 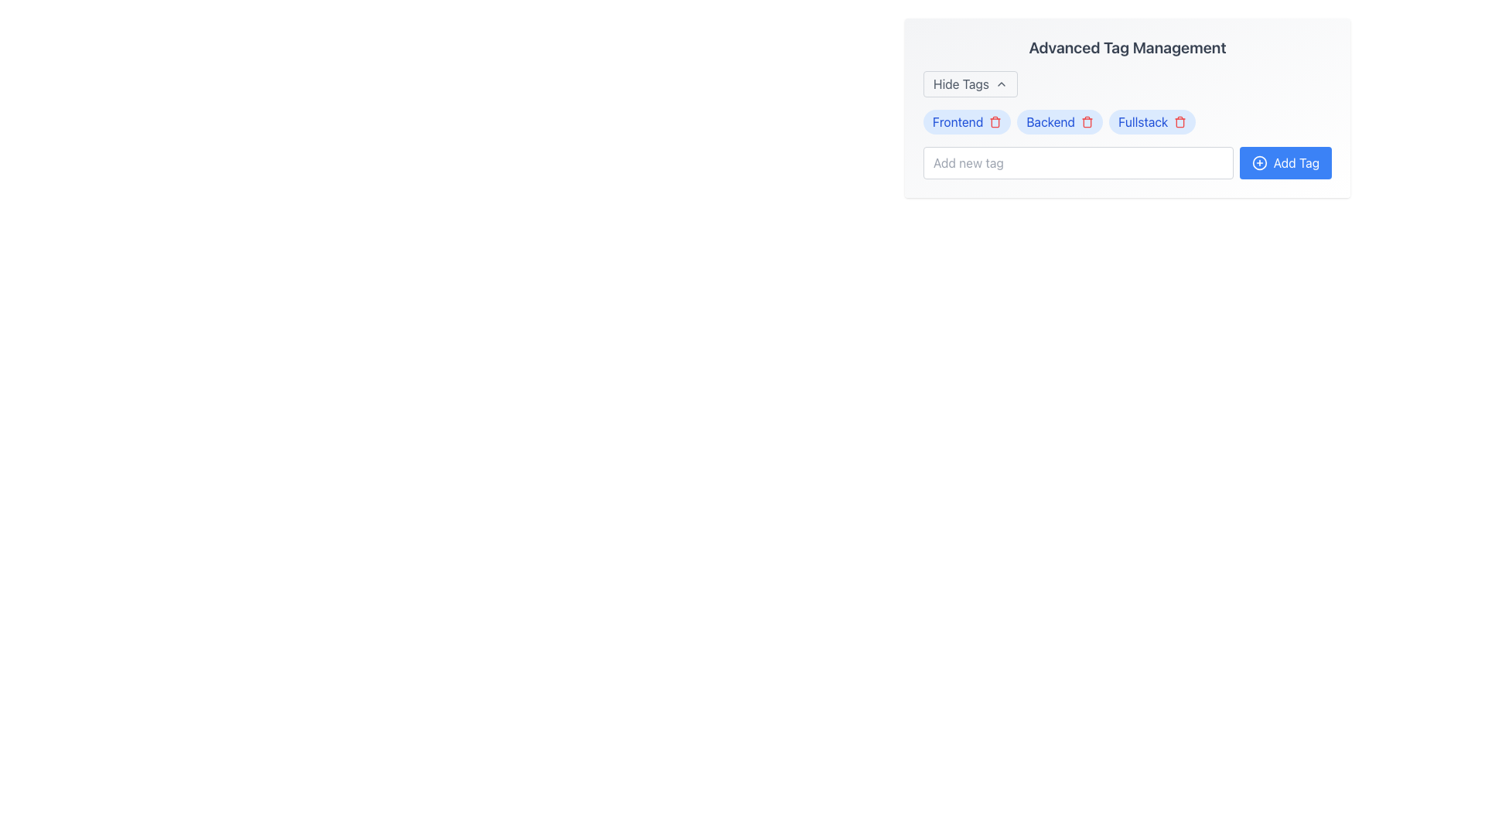 What do you see at coordinates (1285, 163) in the screenshot?
I see `the 'Add Tag' button, which is a rectangular button with rounded corners, blue background, and white text` at bounding box center [1285, 163].